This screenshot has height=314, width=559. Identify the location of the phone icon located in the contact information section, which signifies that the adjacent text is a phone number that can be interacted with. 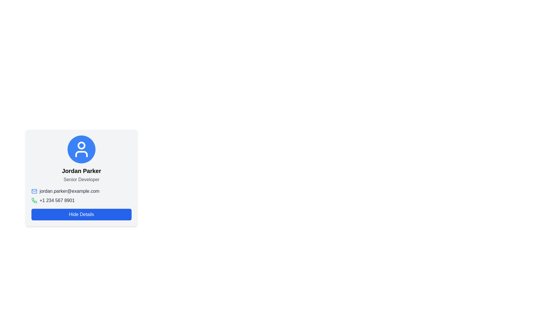
(34, 200).